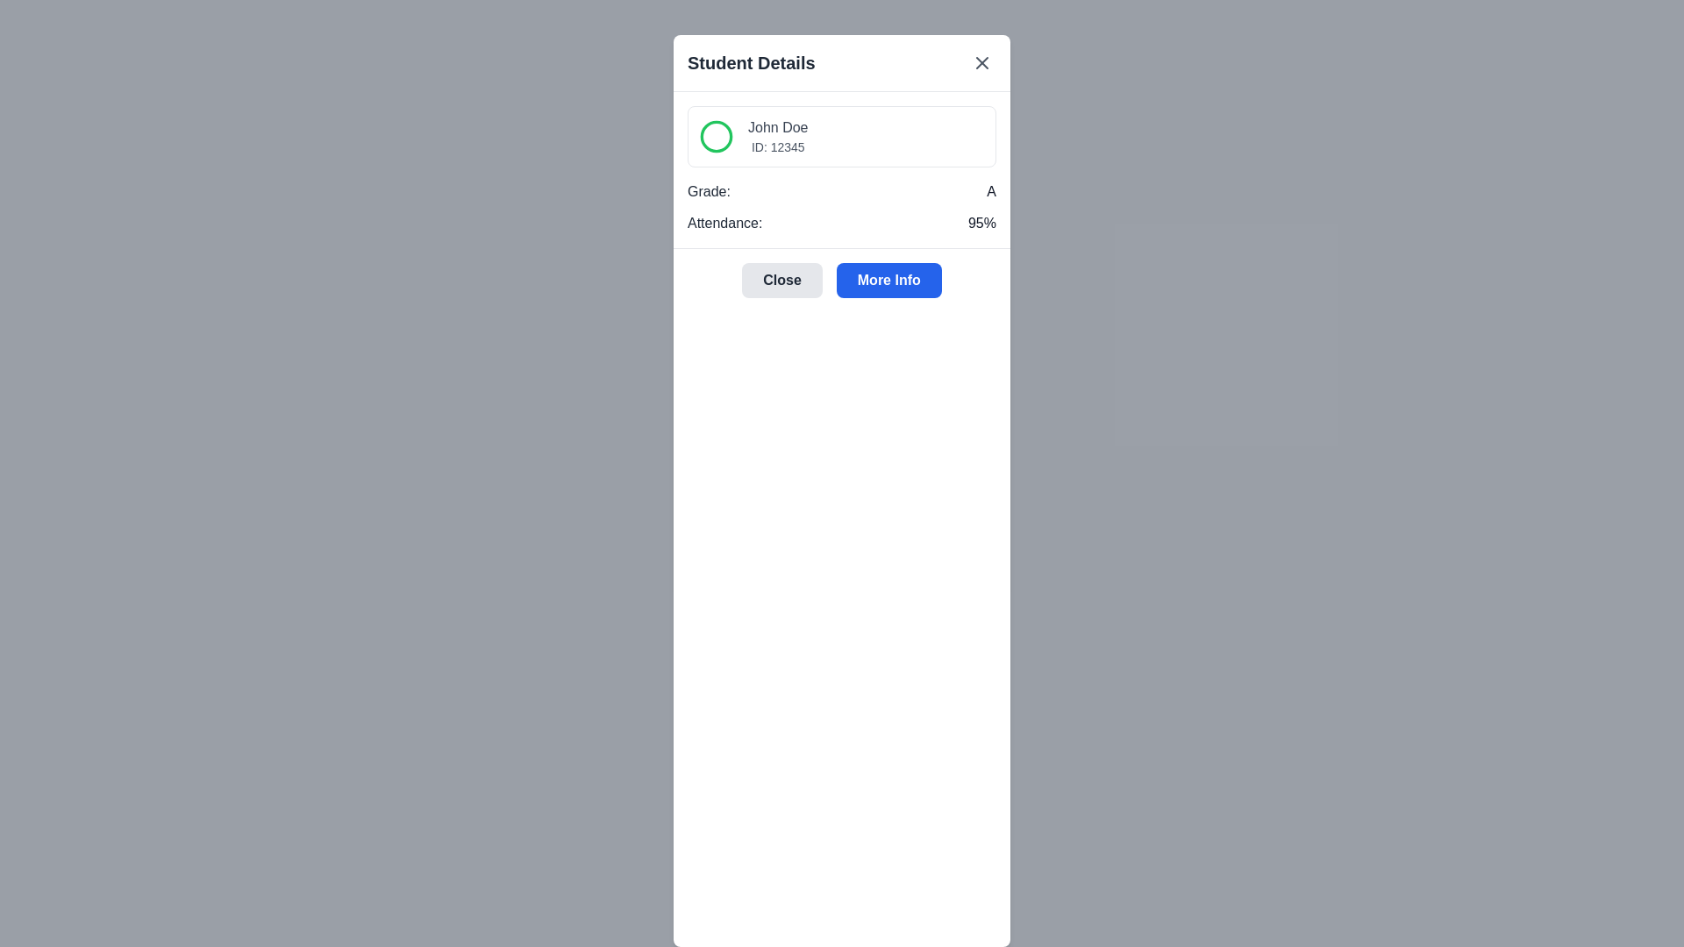  I want to click on the gray 'X' icon at the top-right corner of the 'Student Details' modal, so click(981, 62).